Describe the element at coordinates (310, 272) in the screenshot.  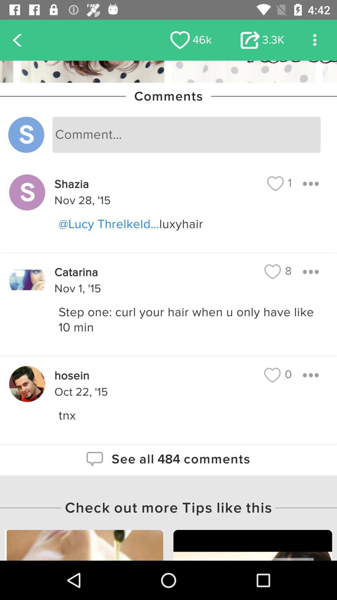
I see `option` at that location.